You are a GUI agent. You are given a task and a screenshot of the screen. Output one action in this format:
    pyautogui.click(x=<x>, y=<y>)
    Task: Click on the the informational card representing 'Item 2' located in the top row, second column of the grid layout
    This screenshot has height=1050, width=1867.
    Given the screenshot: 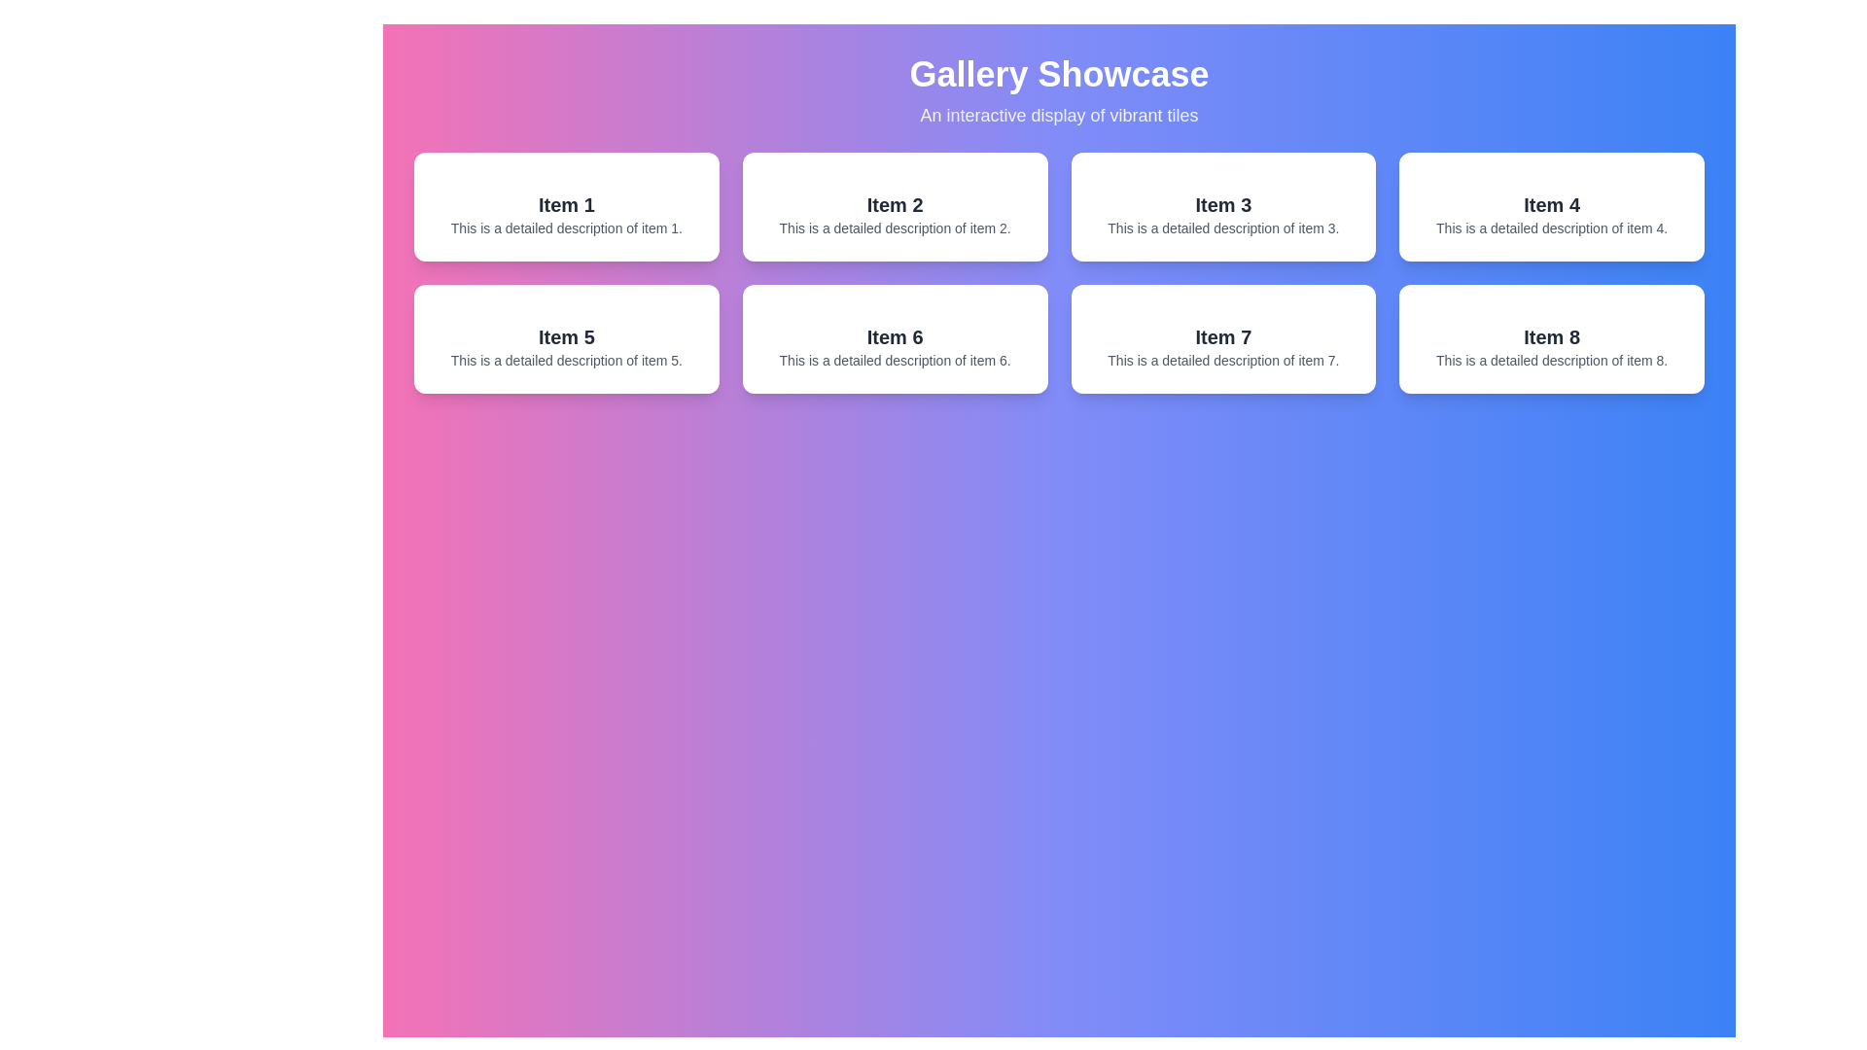 What is the action you would take?
    pyautogui.click(x=894, y=206)
    